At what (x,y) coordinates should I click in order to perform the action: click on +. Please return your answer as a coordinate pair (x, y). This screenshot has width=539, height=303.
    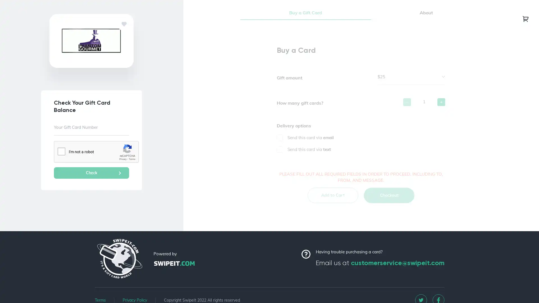
    Looking at the image, I should click on (441, 108).